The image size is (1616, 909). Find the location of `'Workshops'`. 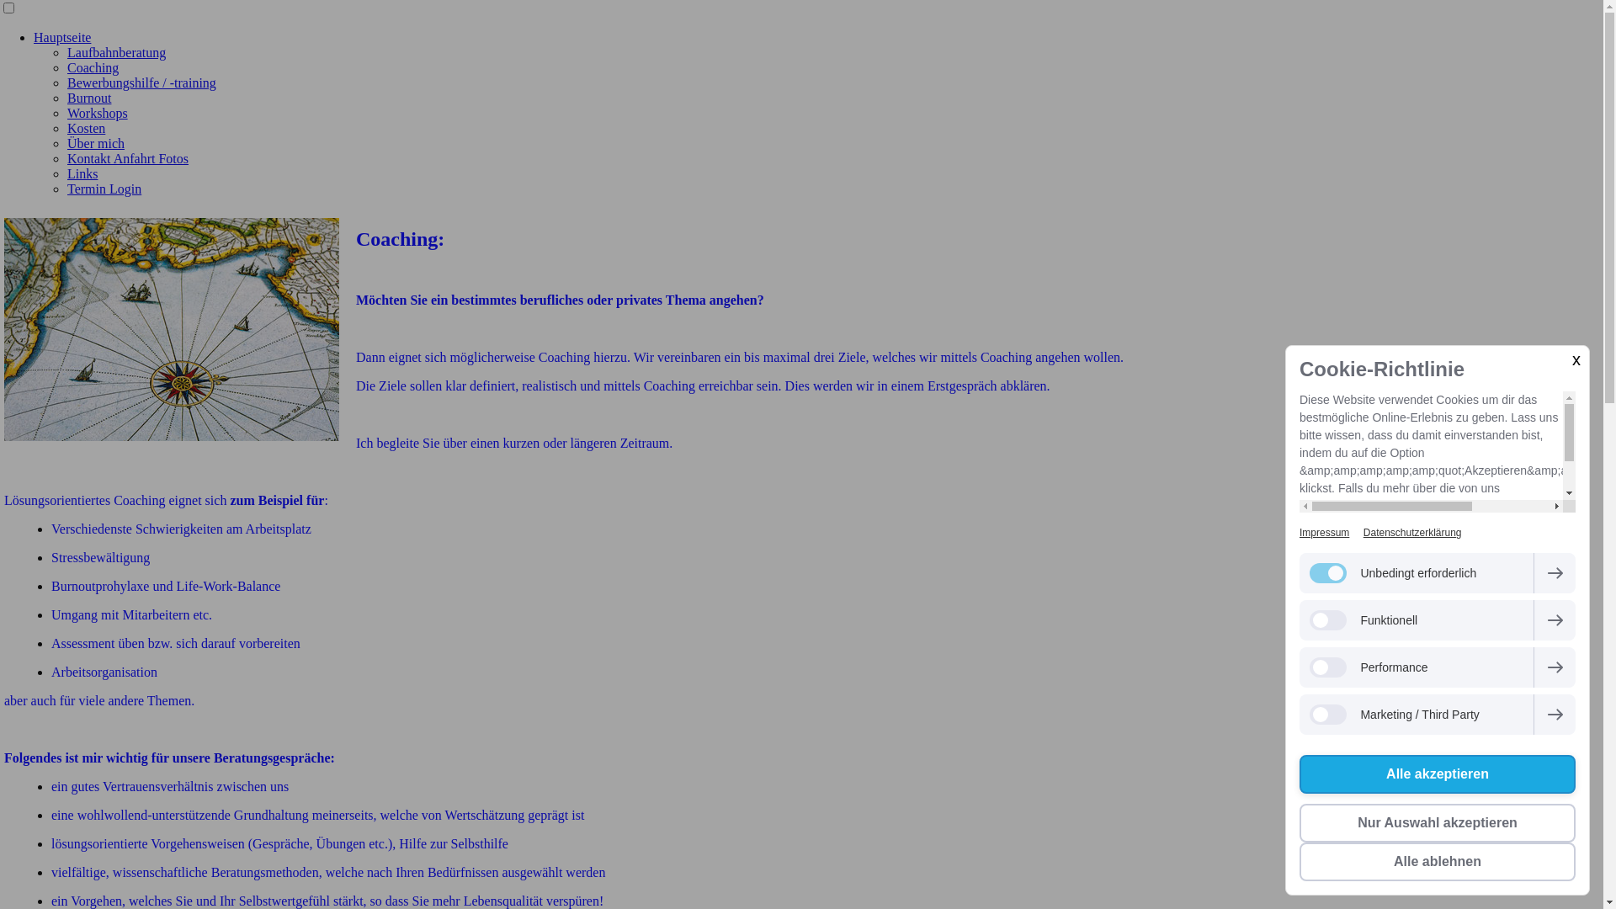

'Workshops' is located at coordinates (96, 113).